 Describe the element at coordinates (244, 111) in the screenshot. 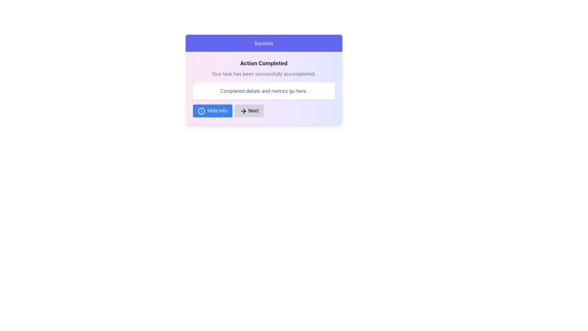

I see `the rightward-pointing arrowhead of the 'Next' button` at that location.